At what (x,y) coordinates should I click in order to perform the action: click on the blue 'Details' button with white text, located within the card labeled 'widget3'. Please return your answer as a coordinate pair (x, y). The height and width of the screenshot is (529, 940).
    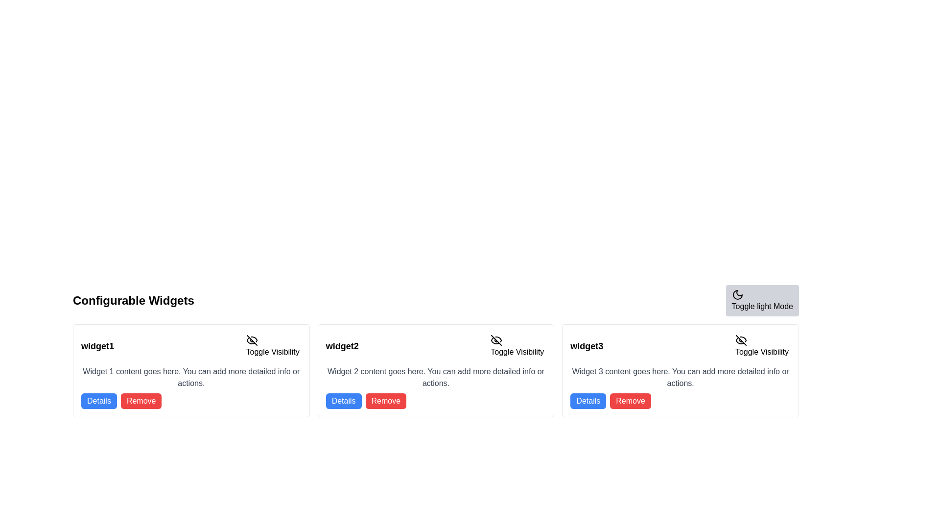
    Looking at the image, I should click on (587, 401).